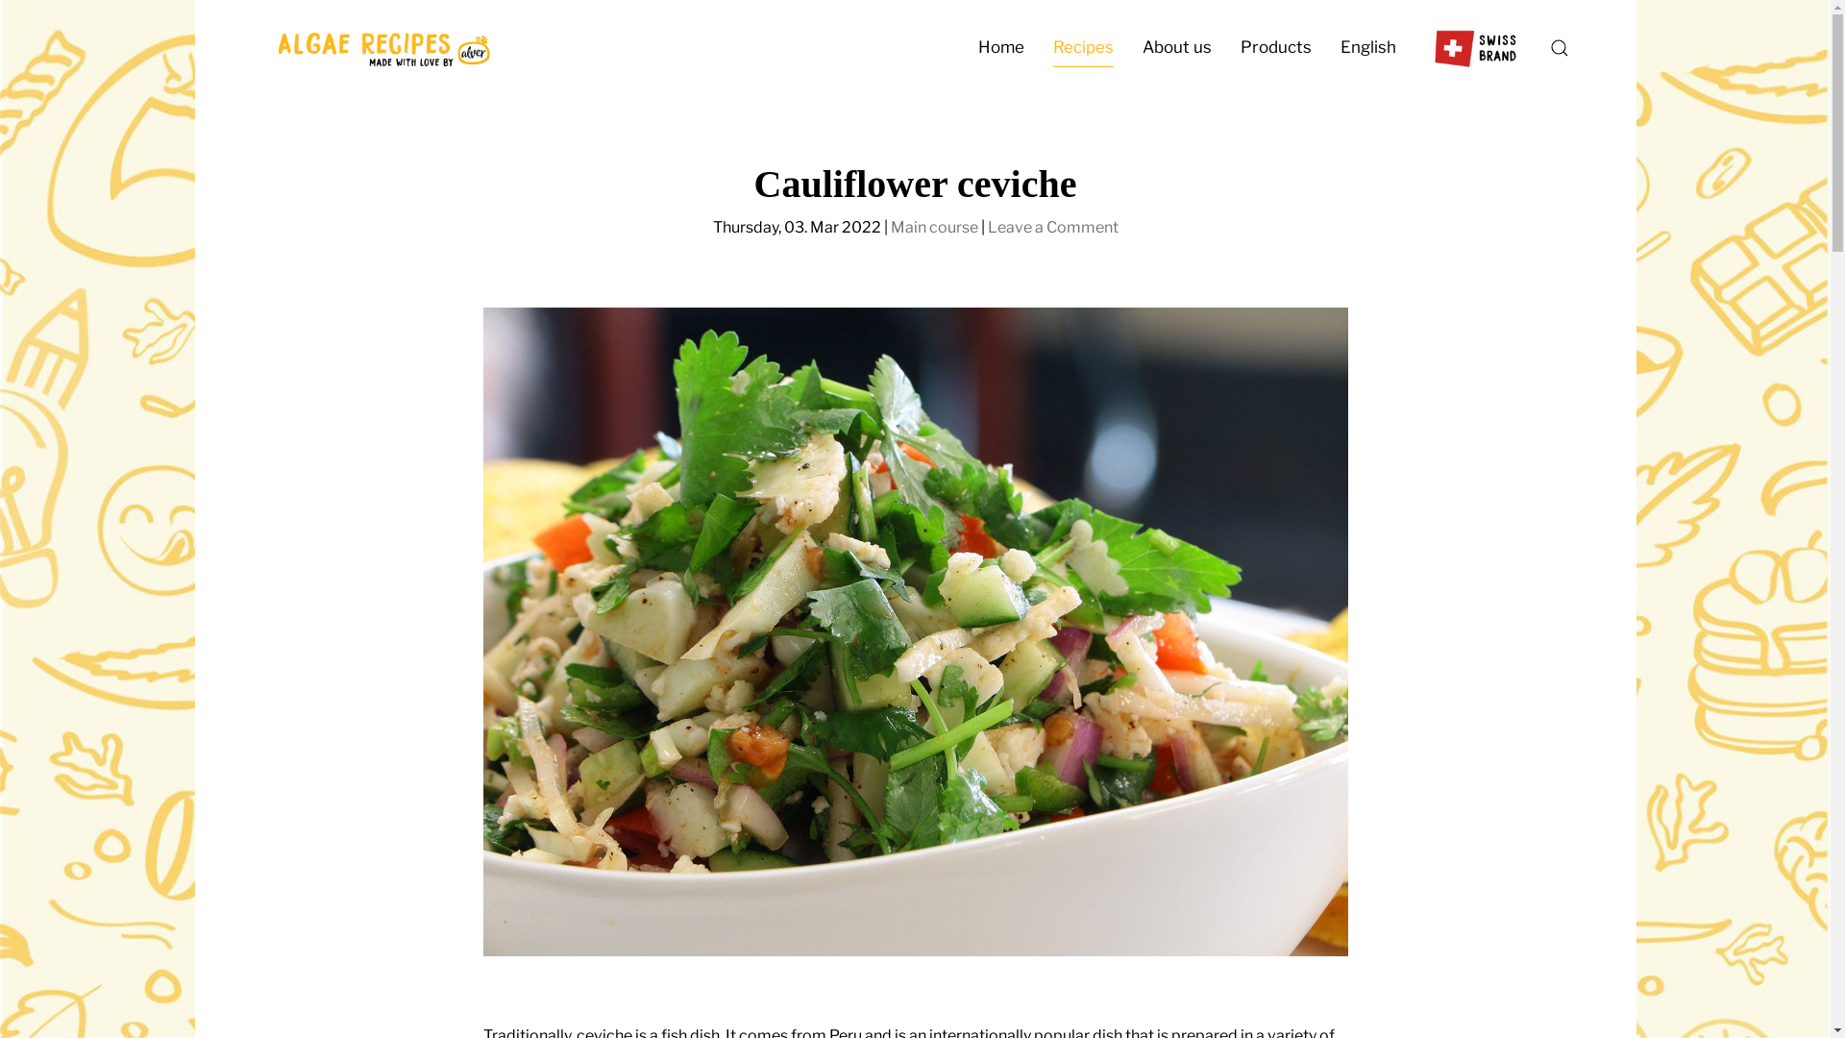 This screenshot has height=1038, width=1845. Describe the element at coordinates (933, 226) in the screenshot. I see `'Main course'` at that location.